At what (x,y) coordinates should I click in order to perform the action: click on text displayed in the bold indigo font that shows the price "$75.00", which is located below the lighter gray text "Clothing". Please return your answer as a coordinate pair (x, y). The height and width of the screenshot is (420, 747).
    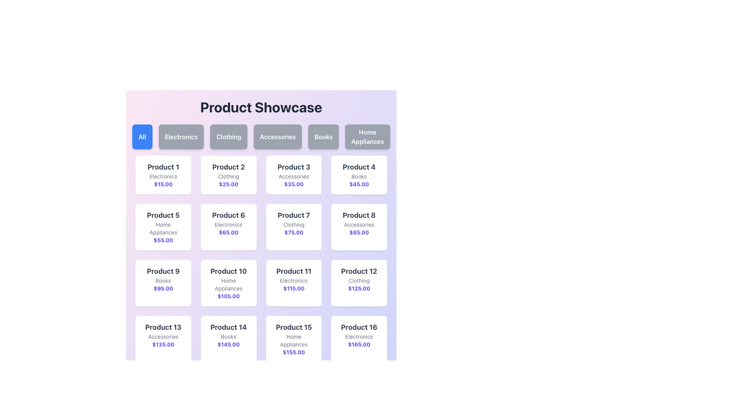
    Looking at the image, I should click on (293, 232).